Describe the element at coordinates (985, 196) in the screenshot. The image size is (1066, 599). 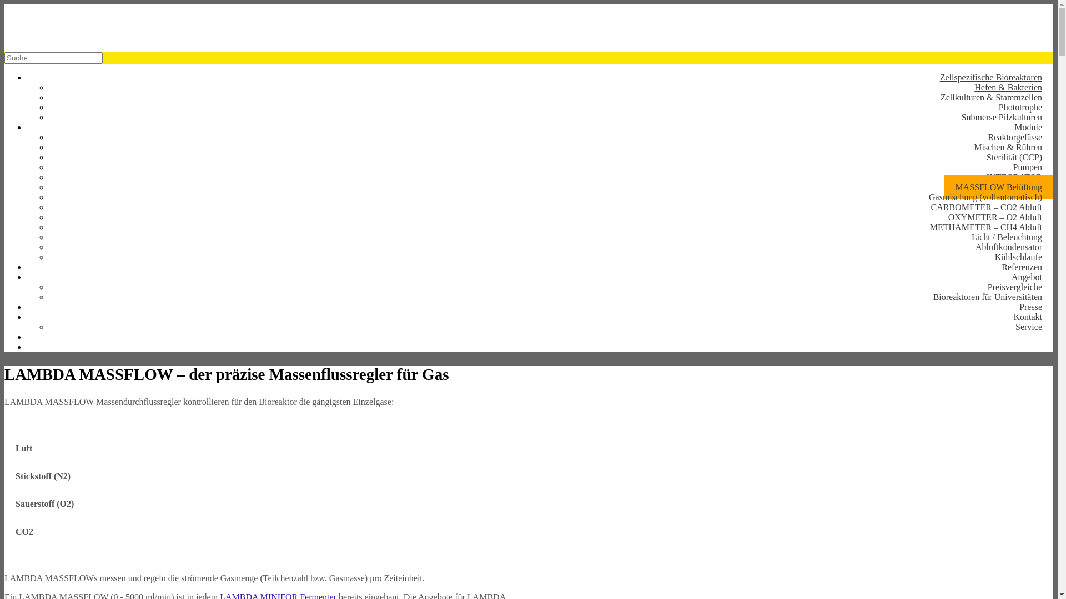
I see `'Gasmischung (vollautomatisch)'` at that location.